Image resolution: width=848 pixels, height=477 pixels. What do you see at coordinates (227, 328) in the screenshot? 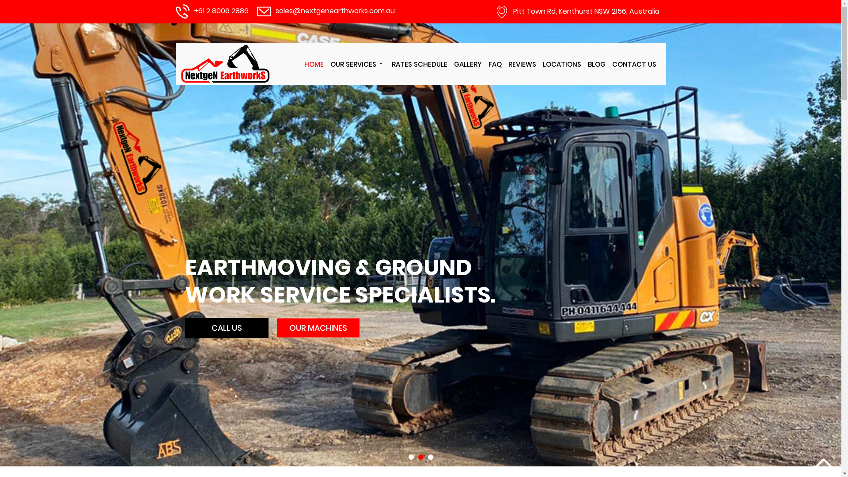
I see `'CALL US'` at bounding box center [227, 328].